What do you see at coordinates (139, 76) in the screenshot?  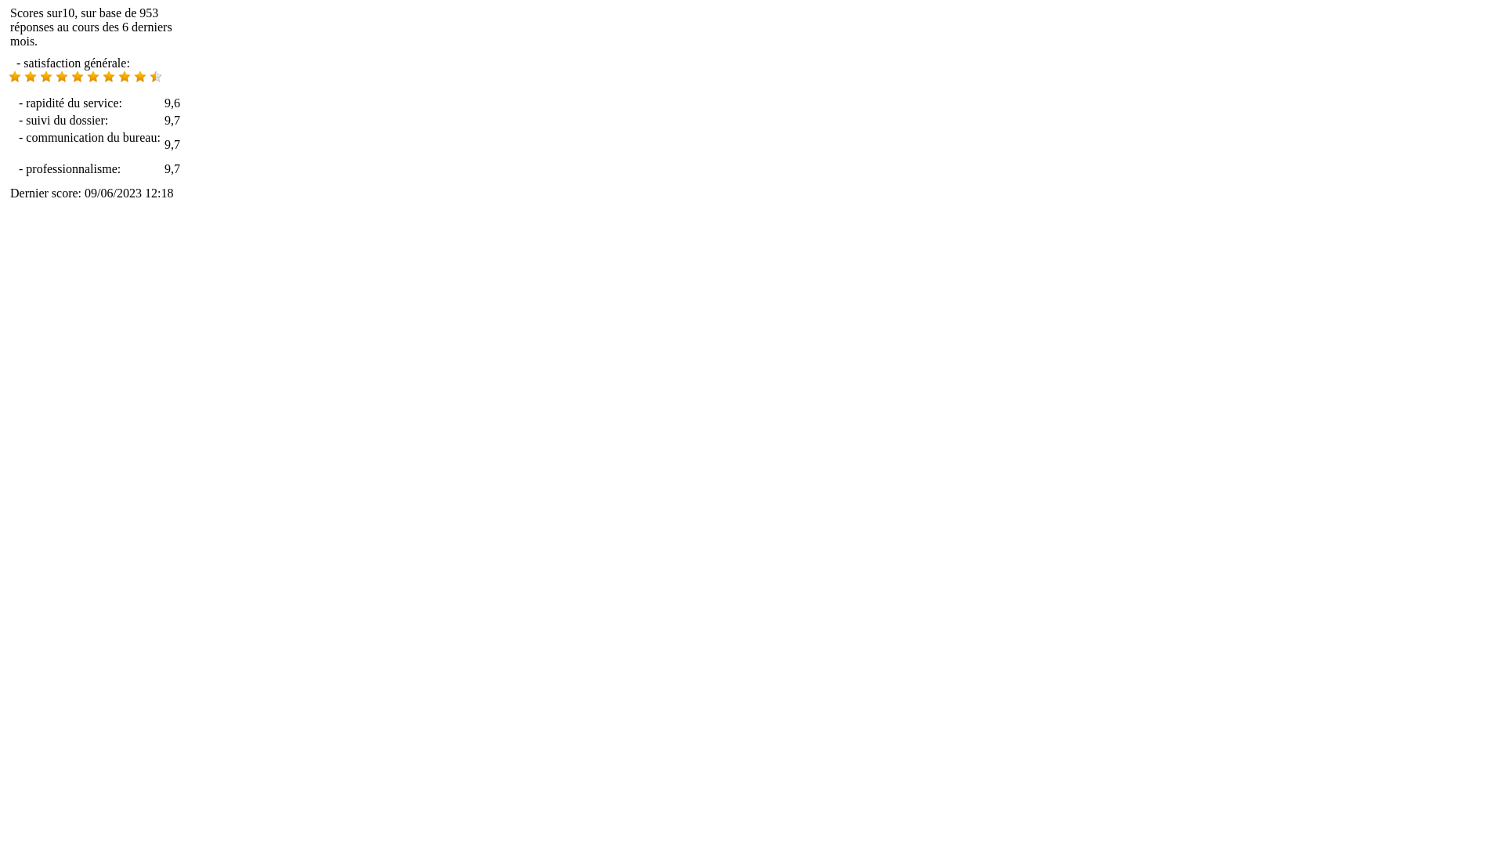 I see `'9.6715634837356'` at bounding box center [139, 76].